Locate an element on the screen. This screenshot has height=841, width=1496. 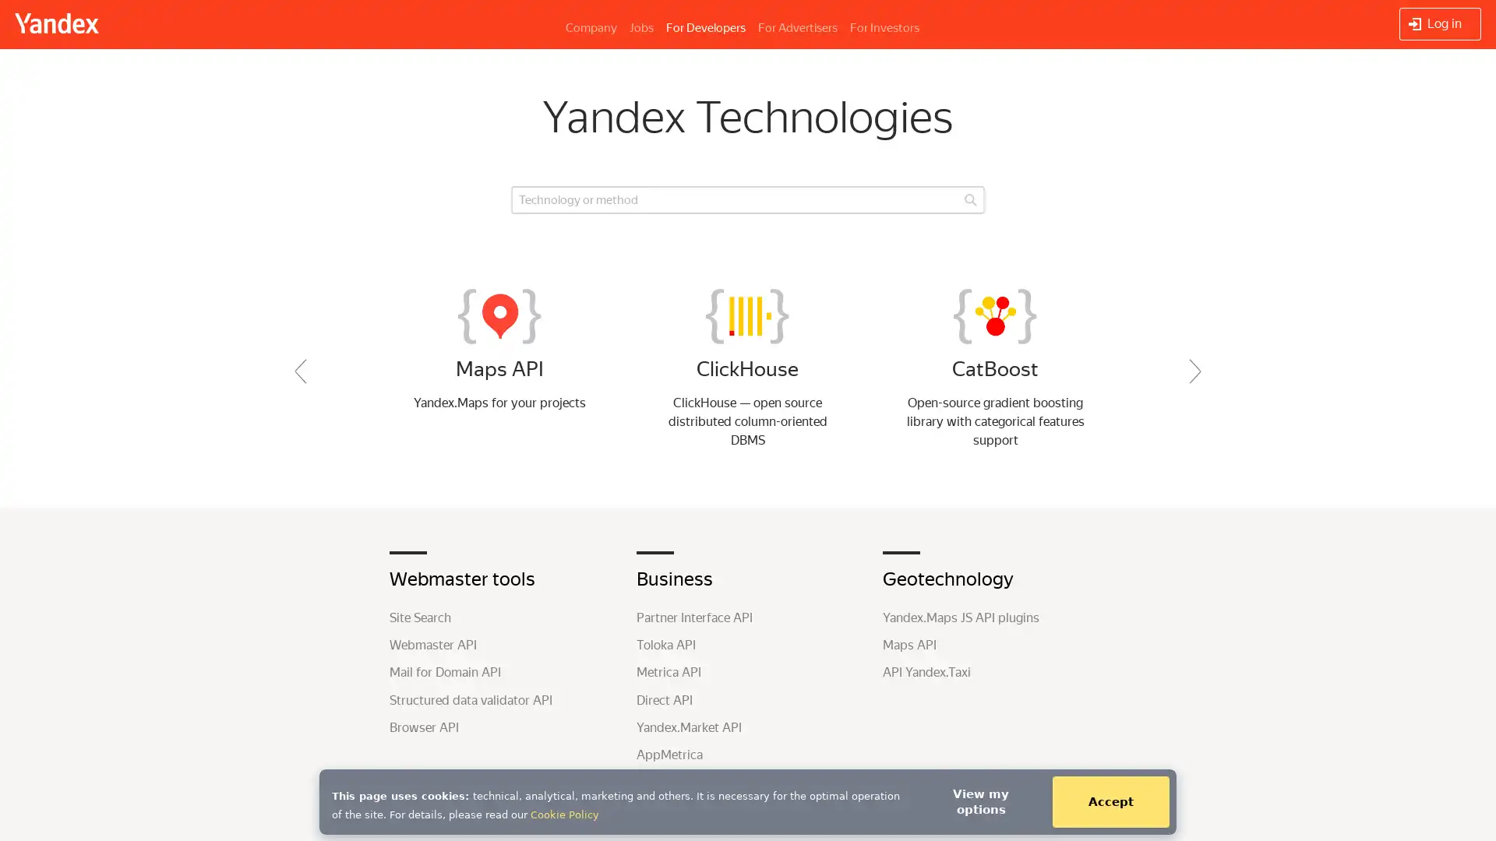
Previous slide is located at coordinates (300, 371).